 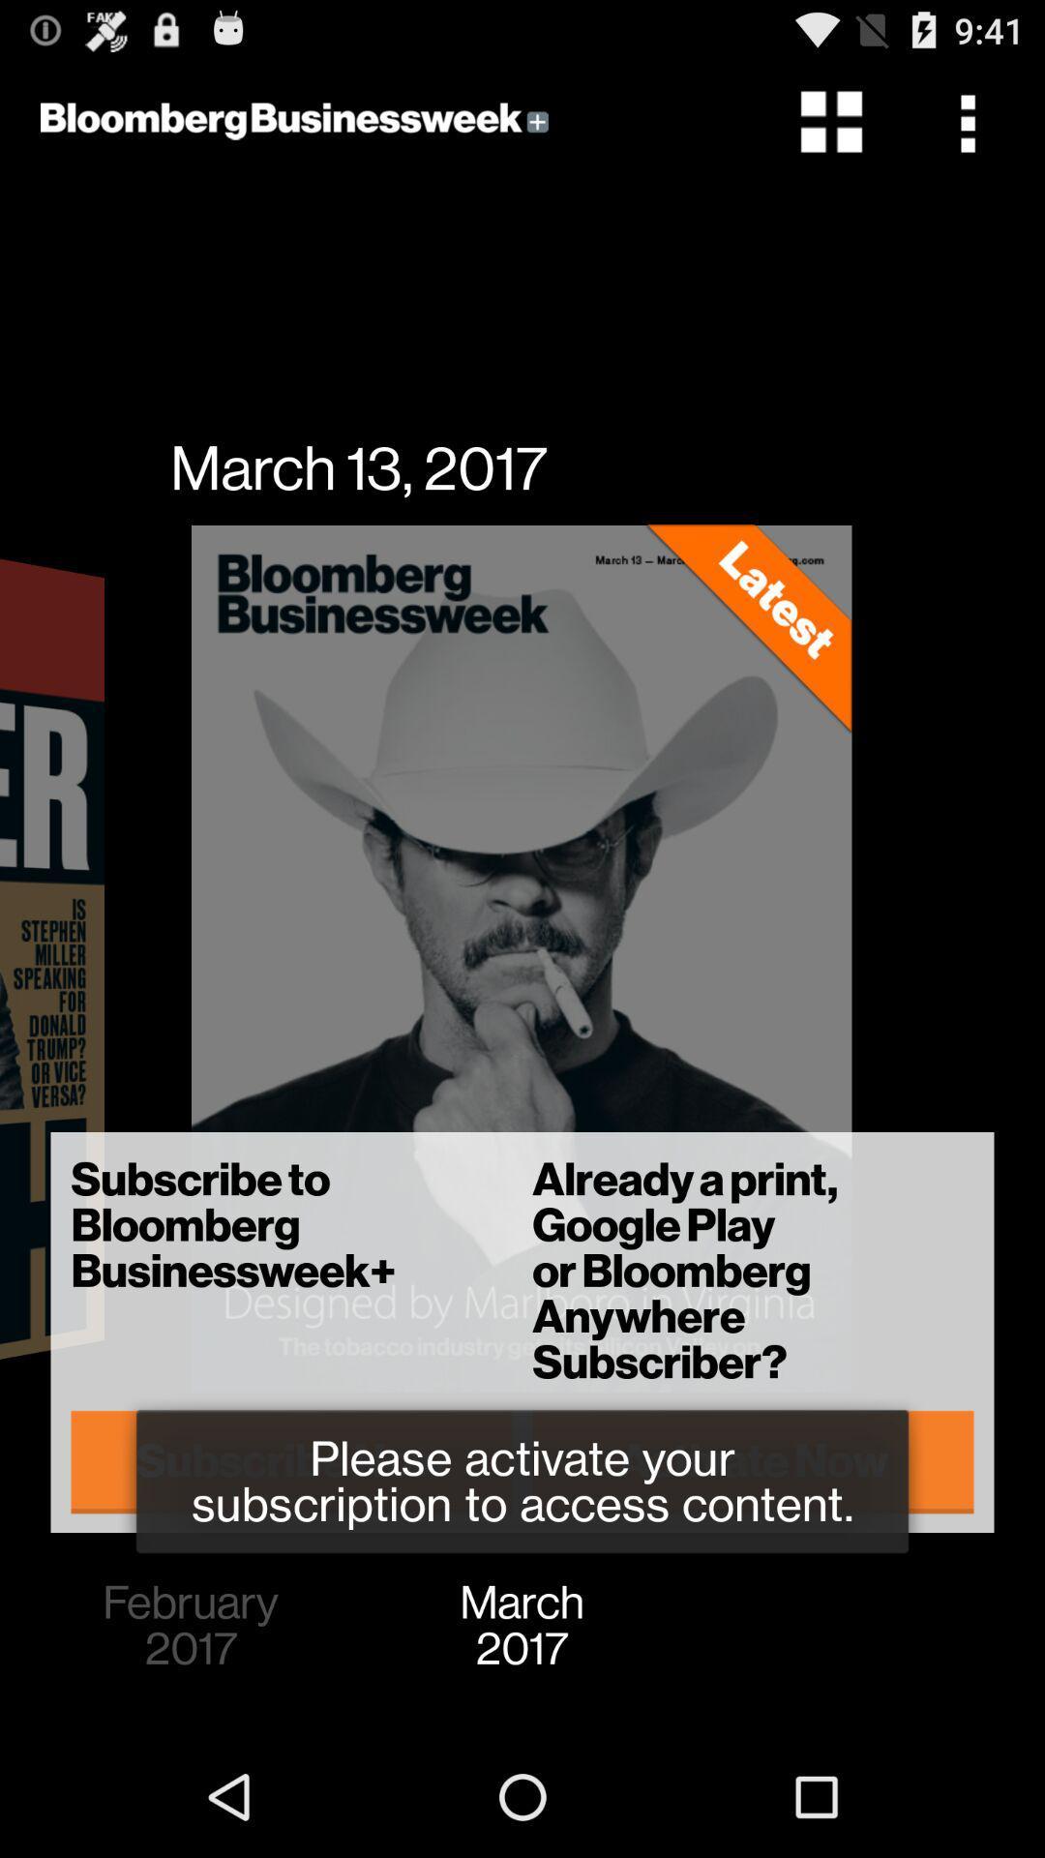 I want to click on subscribe now, so click(x=291, y=1461).